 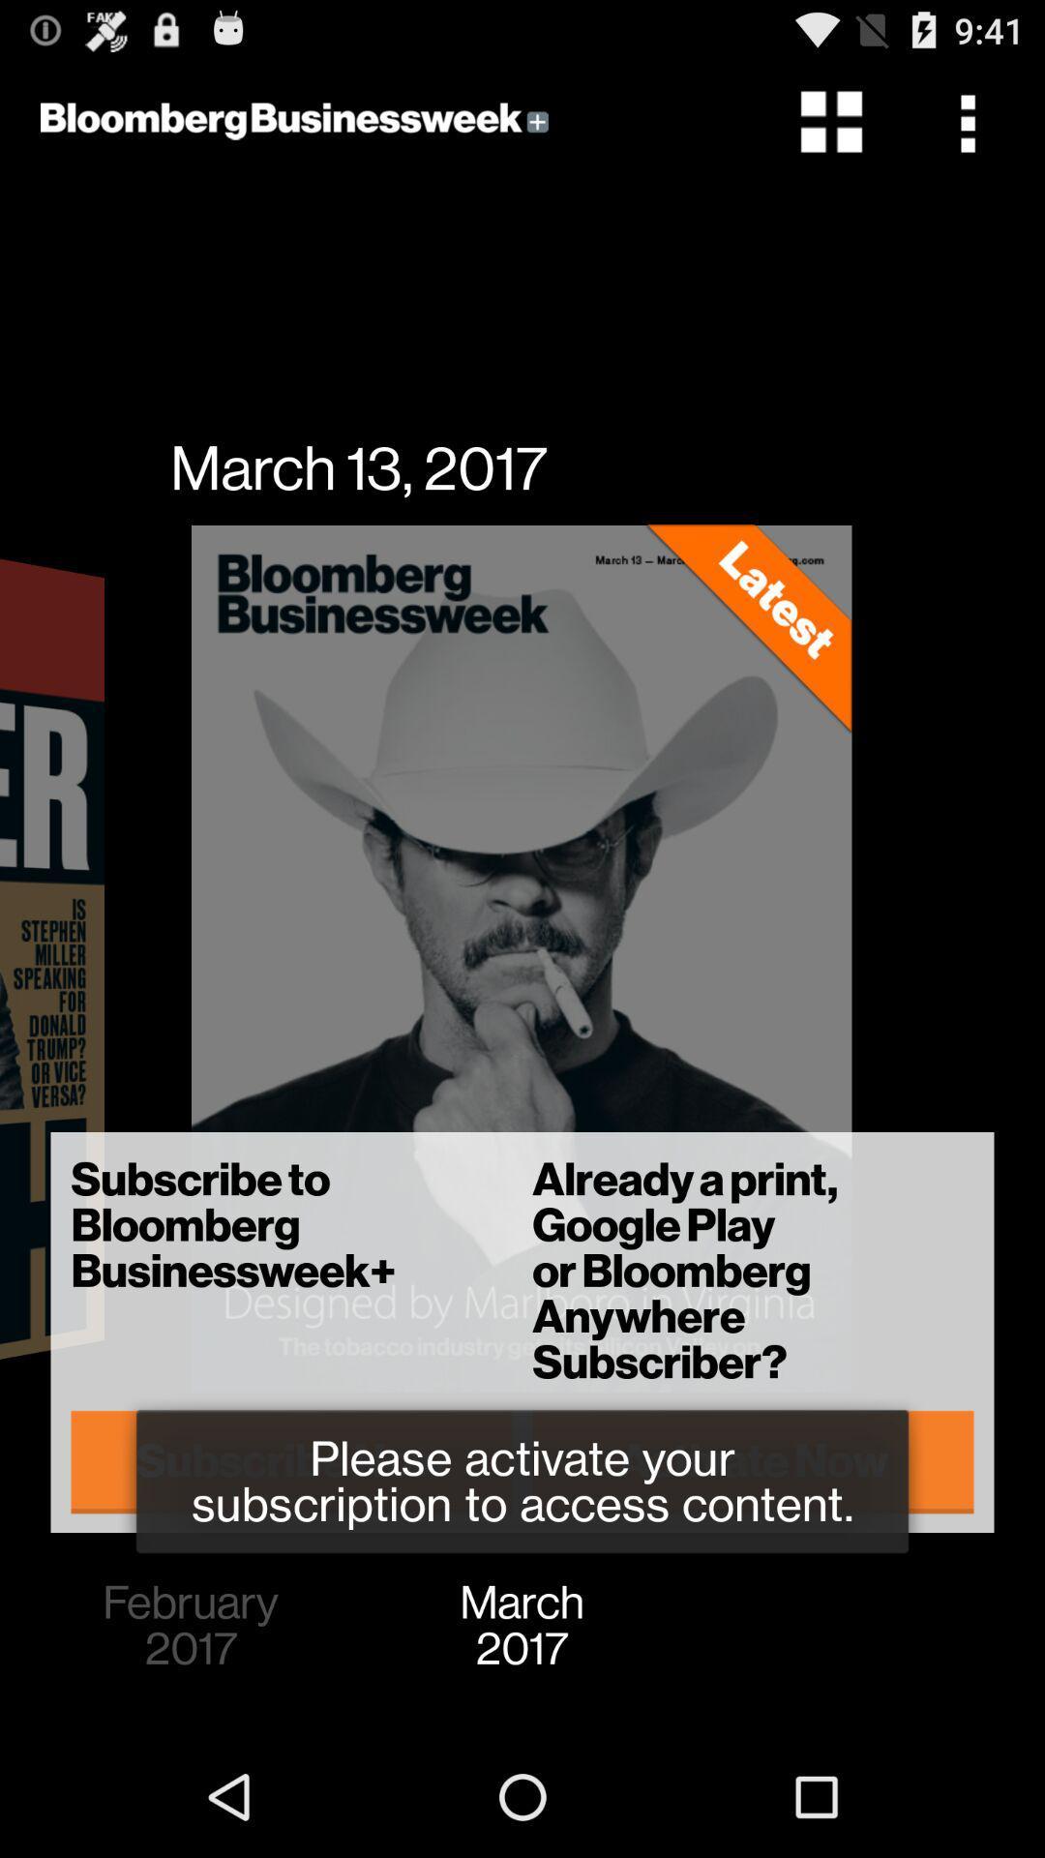 I want to click on subscribe now, so click(x=291, y=1461).